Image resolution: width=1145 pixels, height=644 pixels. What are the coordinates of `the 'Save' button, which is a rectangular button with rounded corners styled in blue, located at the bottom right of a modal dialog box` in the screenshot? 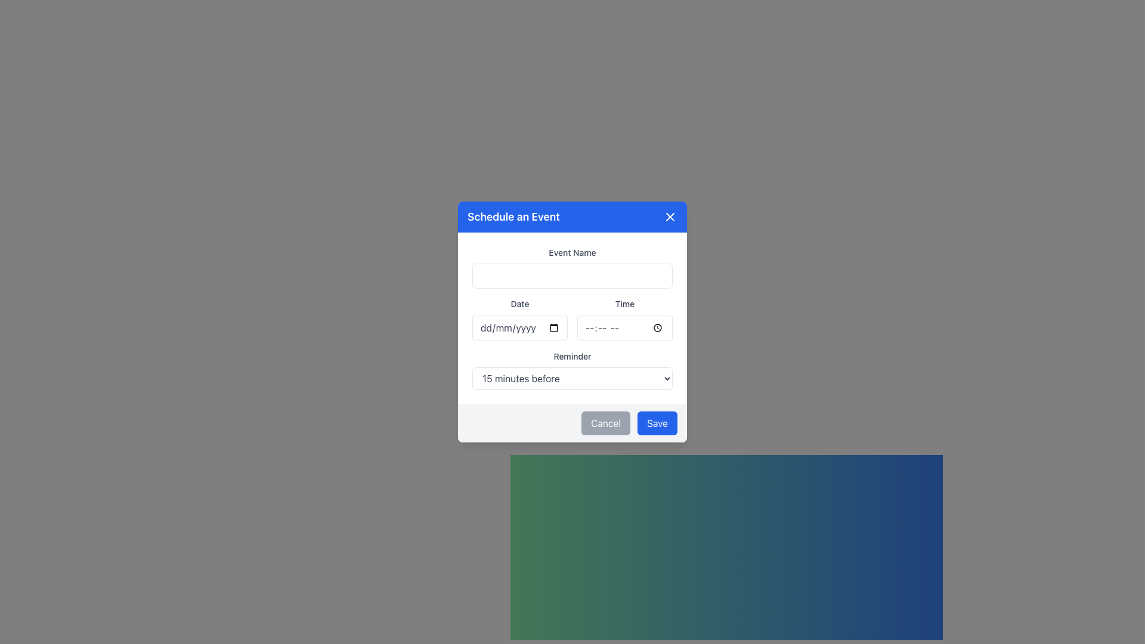 It's located at (657, 422).